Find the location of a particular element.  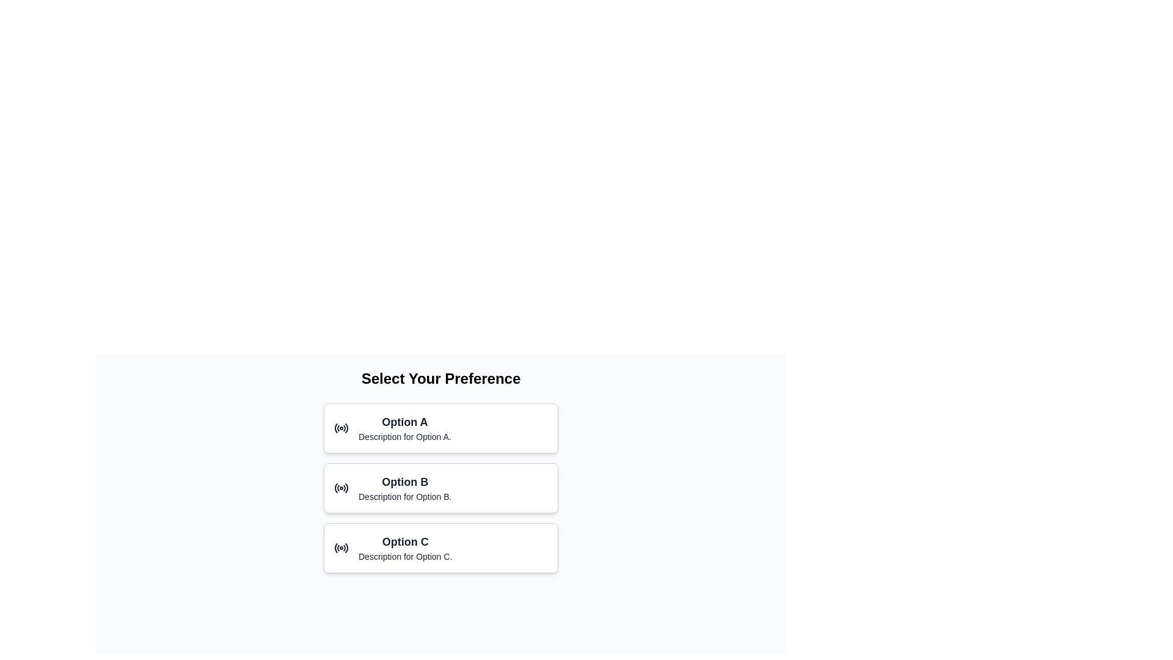

the 'Option B' text block is located at coordinates (405, 487).